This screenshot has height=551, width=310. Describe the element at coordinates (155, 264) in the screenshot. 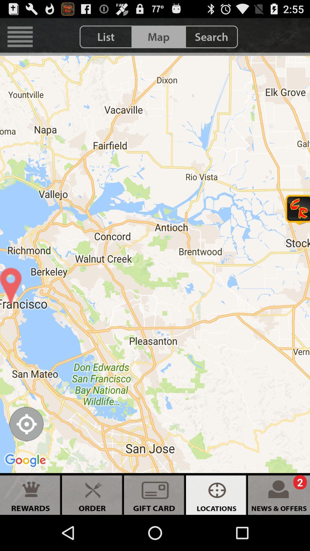

I see `the icon below the list item` at that location.